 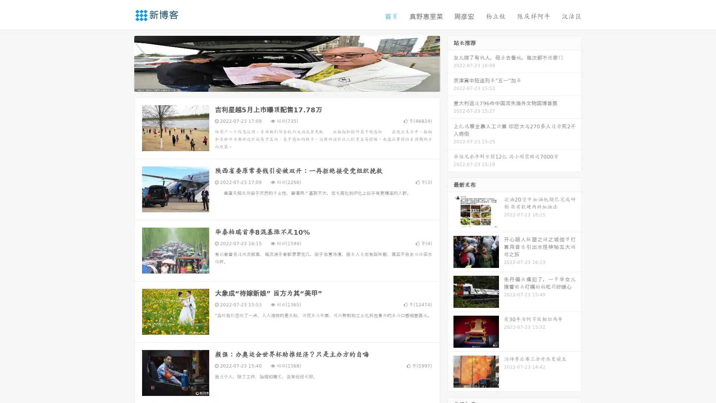 What do you see at coordinates (279, 84) in the screenshot?
I see `Go to slide 1` at bounding box center [279, 84].